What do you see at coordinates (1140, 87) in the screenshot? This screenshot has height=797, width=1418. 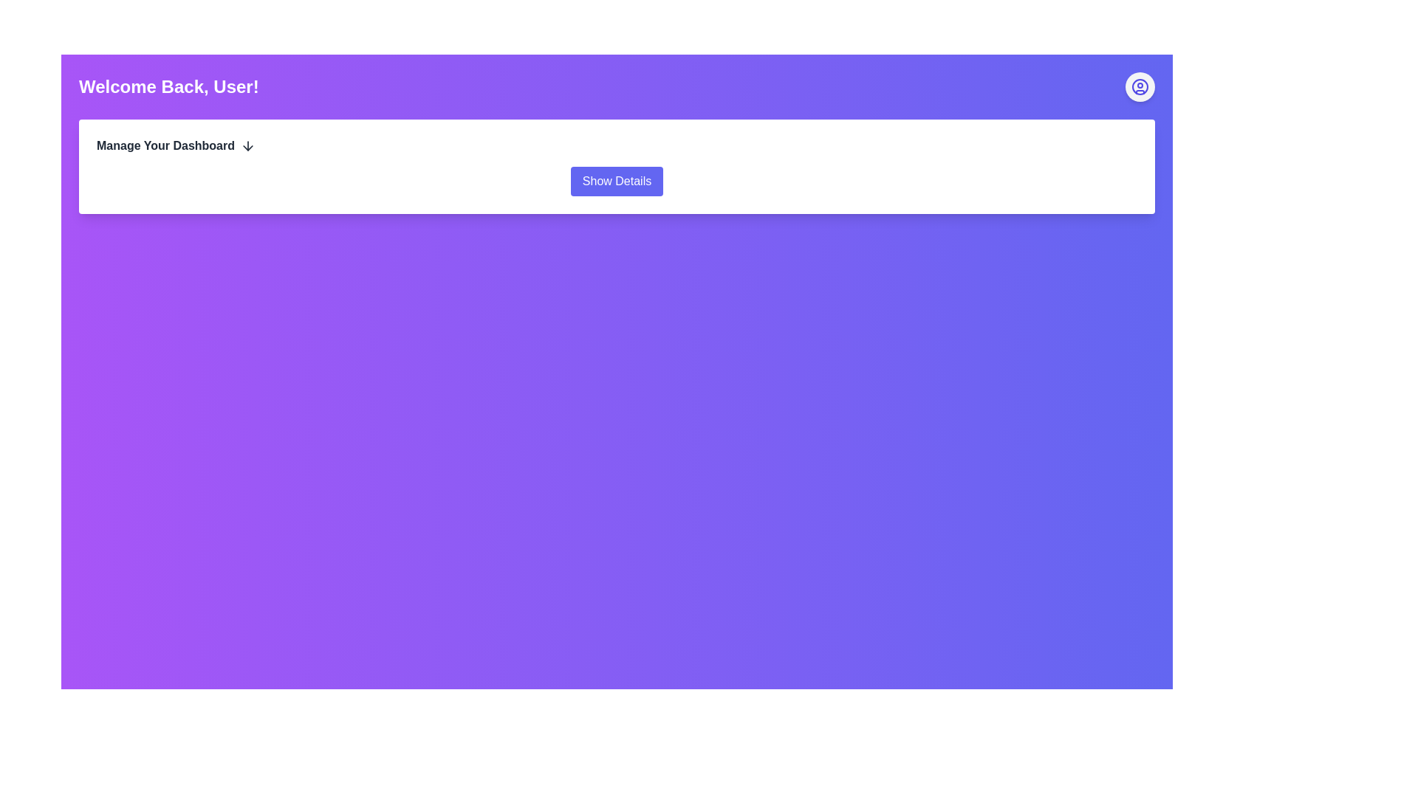 I see `the circular graphical element representing the user's profile located in the top-right corner of the interface` at bounding box center [1140, 87].